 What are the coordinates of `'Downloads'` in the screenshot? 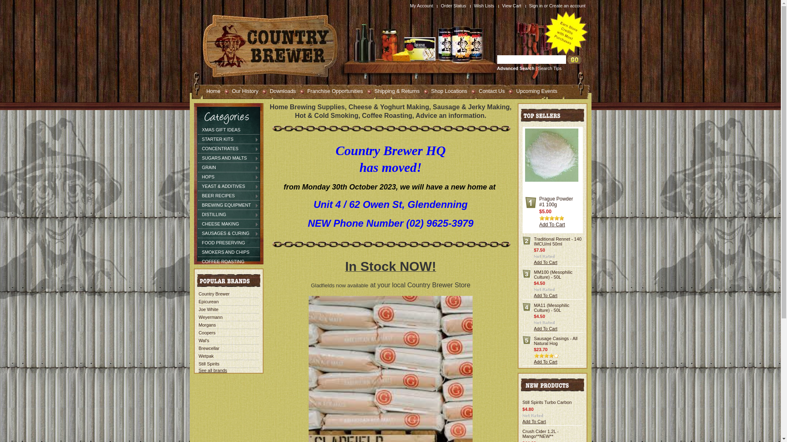 It's located at (279, 90).